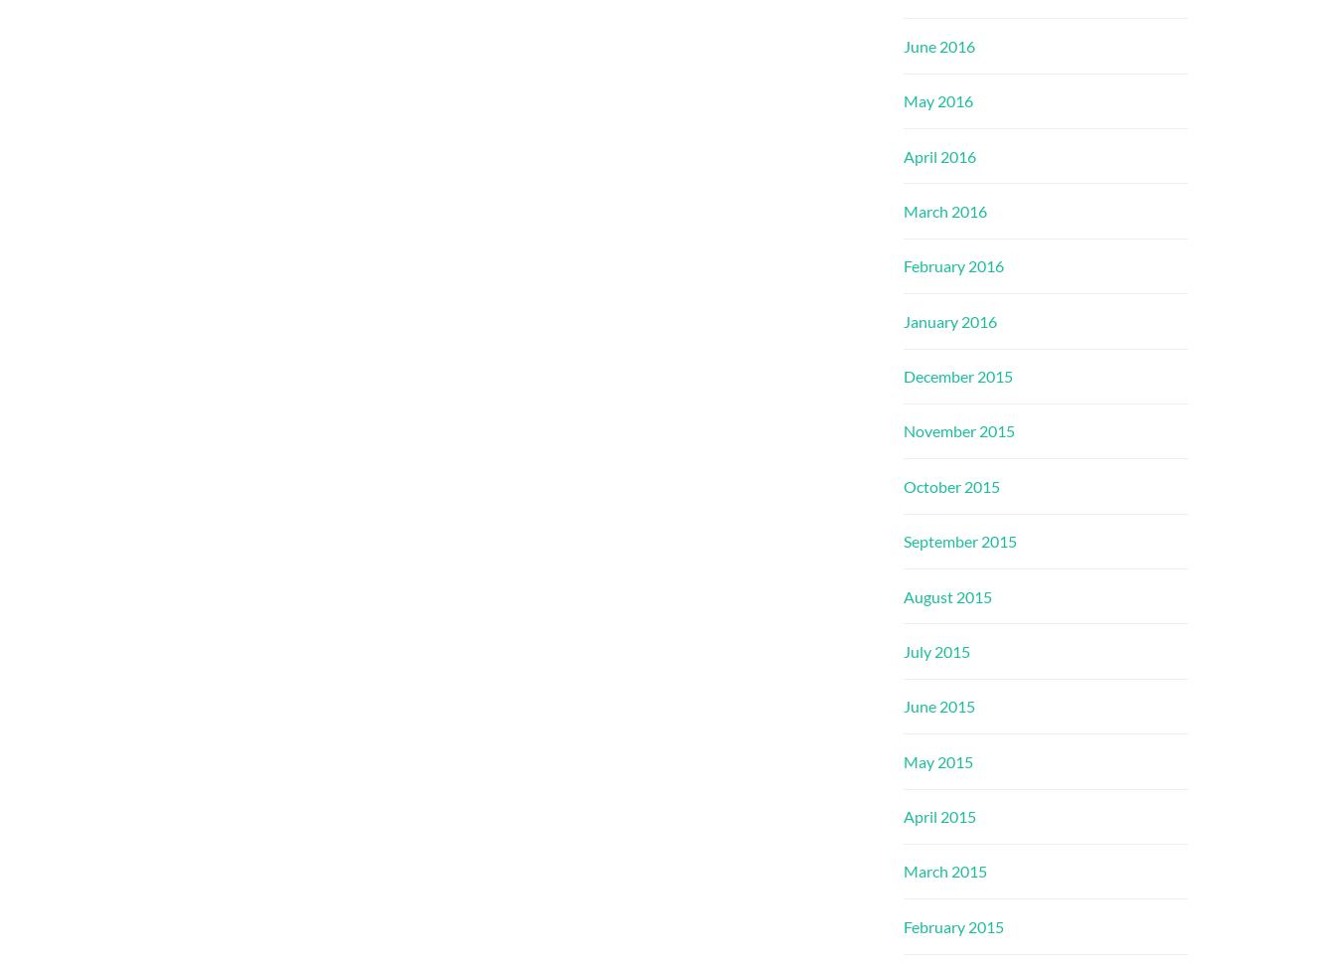 Image resolution: width=1342 pixels, height=964 pixels. I want to click on 'May 2015', so click(937, 759).